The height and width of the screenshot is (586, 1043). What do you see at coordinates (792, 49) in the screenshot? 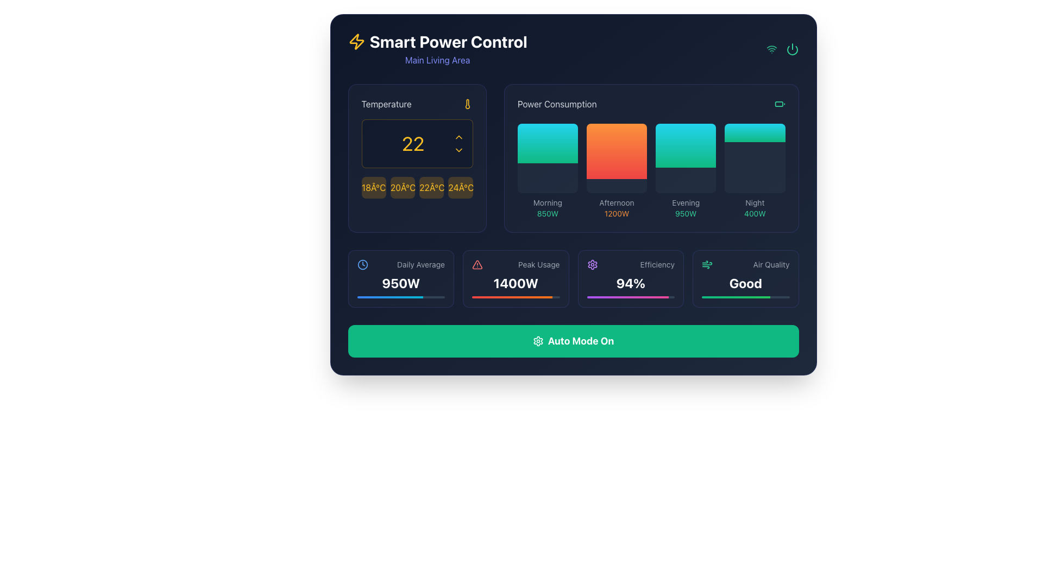
I see `the power/toggle Icon button located as the second icon from the right in the upper-right corner of the interface` at bounding box center [792, 49].